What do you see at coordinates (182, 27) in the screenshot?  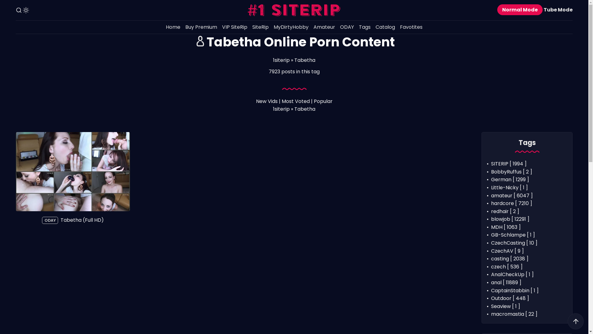 I see `'Buy Premium'` at bounding box center [182, 27].